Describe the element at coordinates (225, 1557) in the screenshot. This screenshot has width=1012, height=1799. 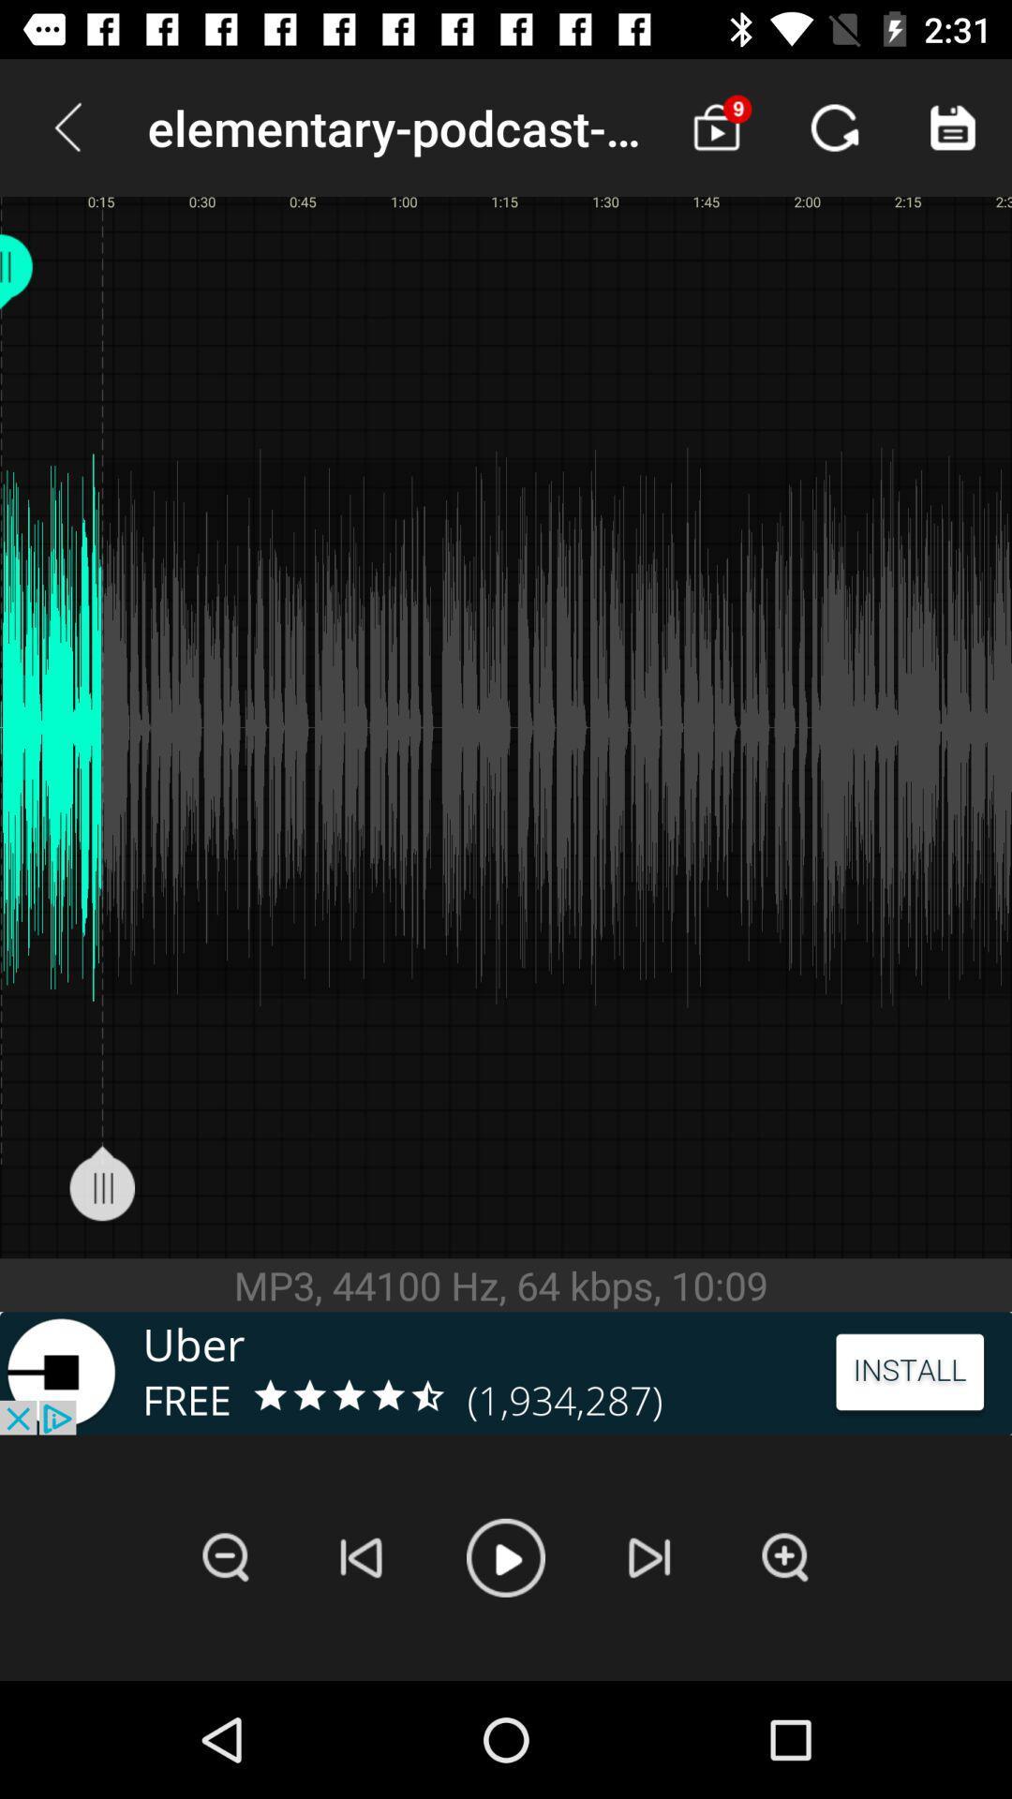
I see `zoom out` at that location.